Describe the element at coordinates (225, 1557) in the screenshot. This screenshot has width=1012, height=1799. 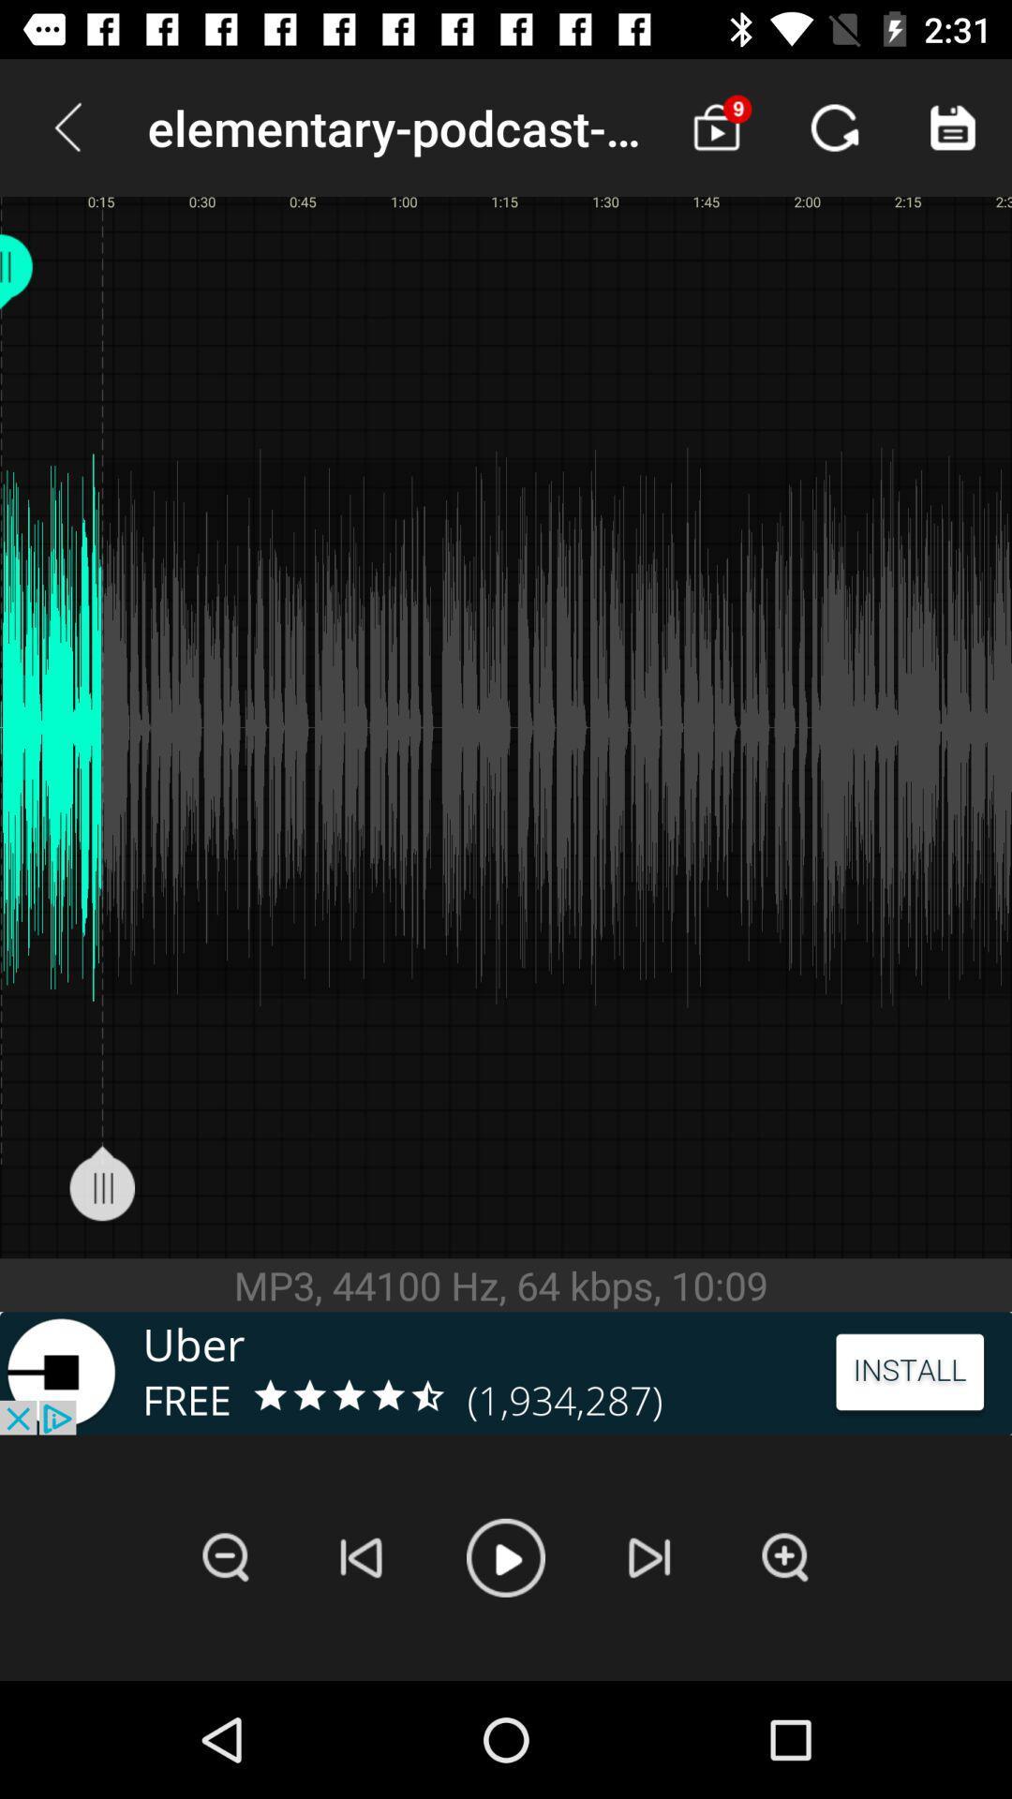
I see `zoom out` at that location.